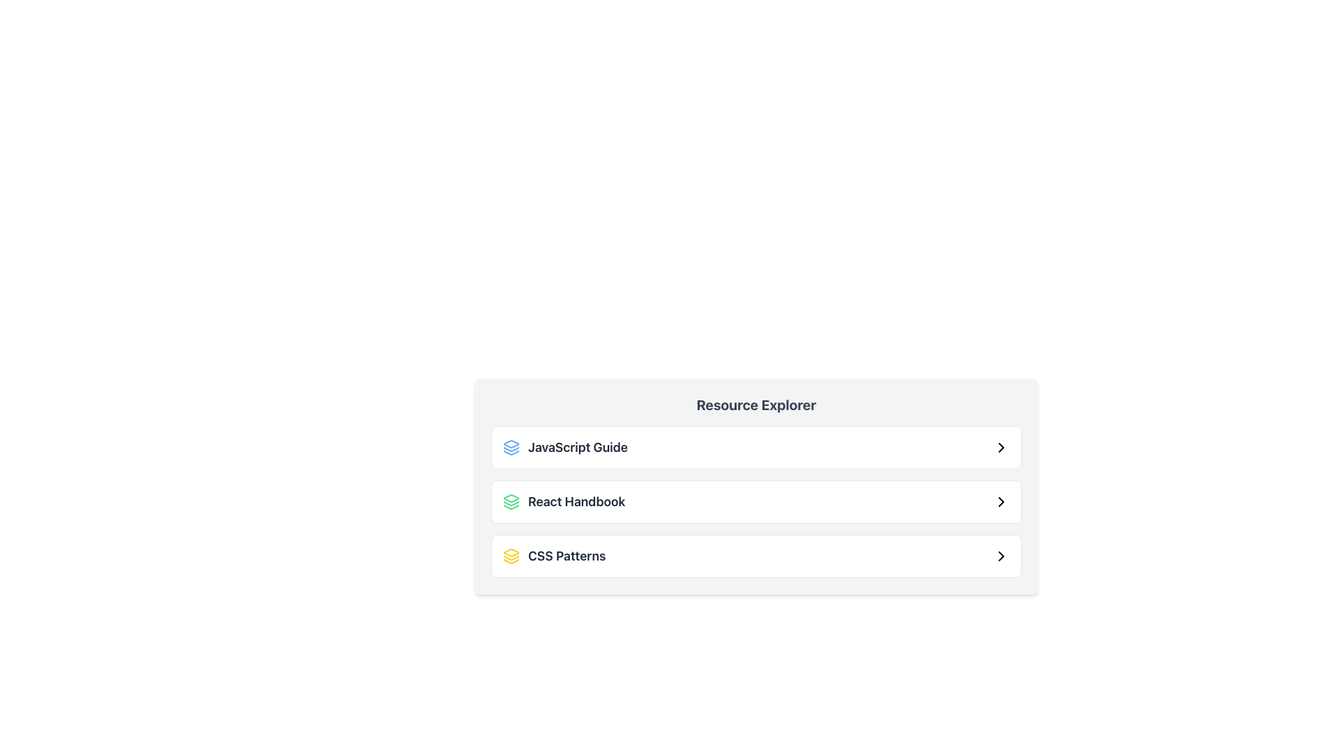  Describe the element at coordinates (1000, 448) in the screenshot. I see `the right-facing Chevron icon located on the far right side of the first item in the 'Resource Explorer' menu, which is labeled 'JavaScript Guide'` at that location.